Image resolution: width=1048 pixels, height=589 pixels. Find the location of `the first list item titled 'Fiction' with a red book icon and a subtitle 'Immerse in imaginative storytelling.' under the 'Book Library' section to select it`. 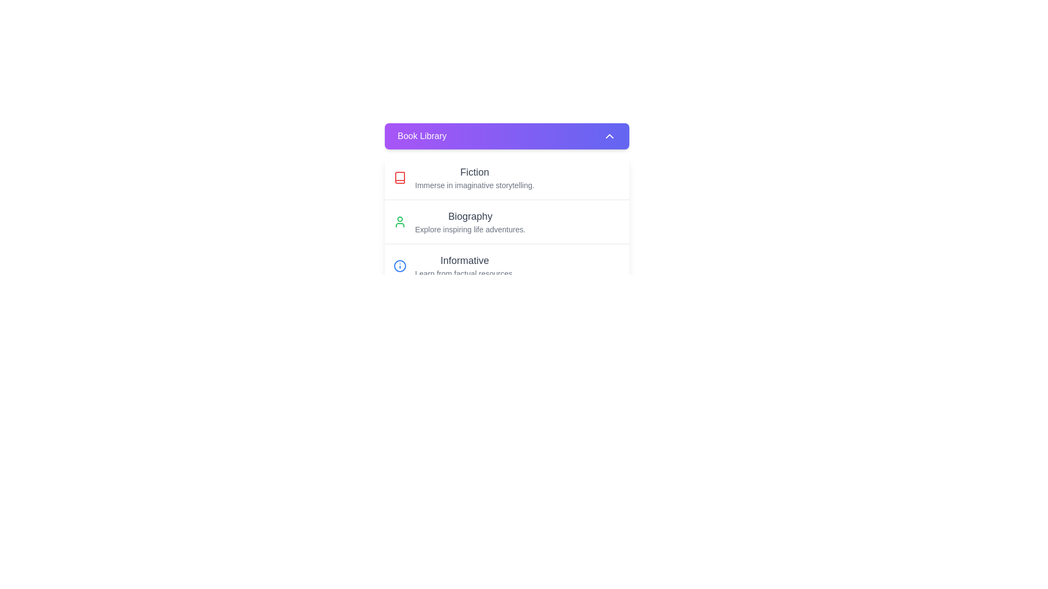

the first list item titled 'Fiction' with a red book icon and a subtitle 'Immerse in imaginative storytelling.' under the 'Book Library' section to select it is located at coordinates (506, 177).